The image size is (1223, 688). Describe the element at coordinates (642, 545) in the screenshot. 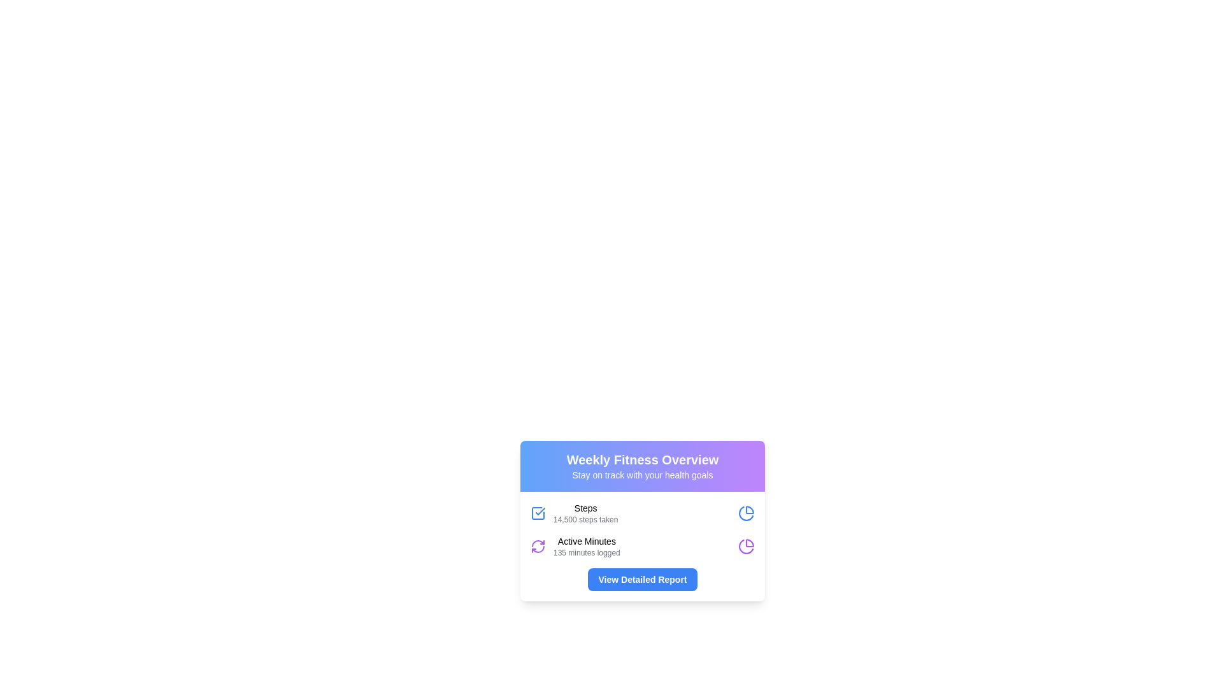

I see `fitness-related data displayed on the Information Display Panel located in the 'Weekly Fitness Overview' card, which shows total steps taken and active minutes logged for the week` at that location.